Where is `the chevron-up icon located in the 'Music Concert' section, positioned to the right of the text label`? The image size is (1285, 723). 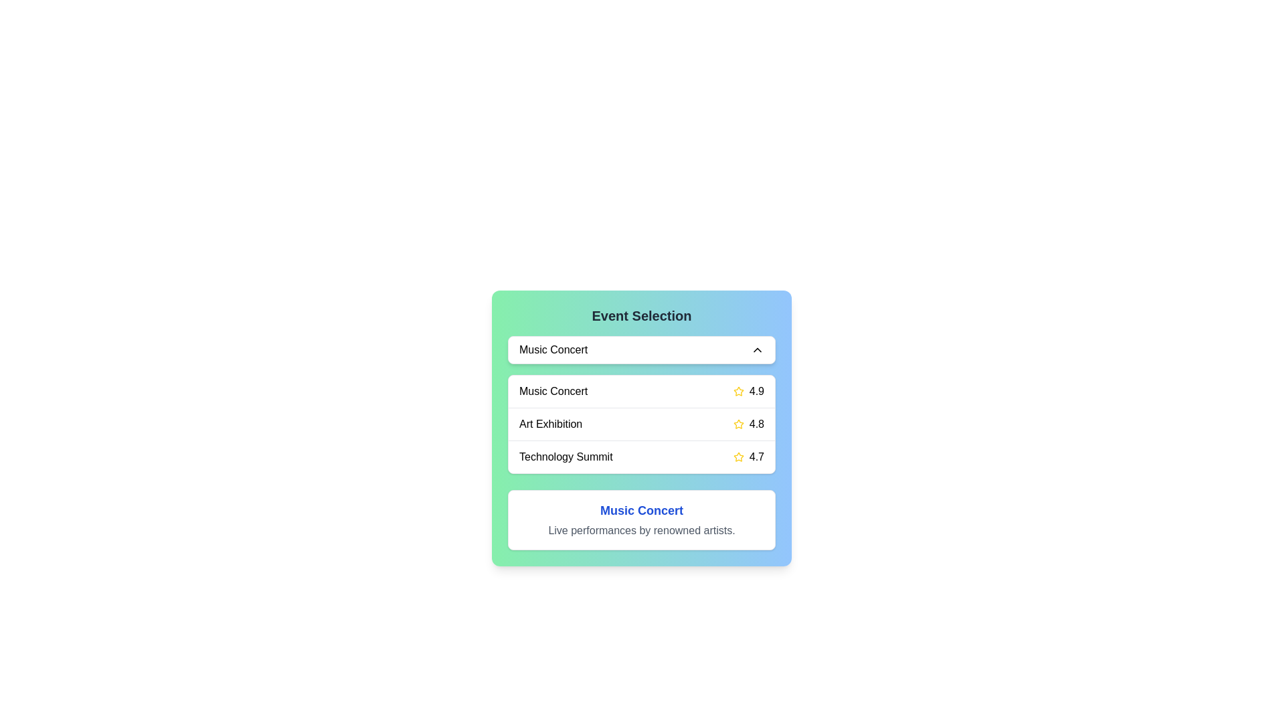 the chevron-up icon located in the 'Music Concert' section, positioned to the right of the text label is located at coordinates (758, 349).